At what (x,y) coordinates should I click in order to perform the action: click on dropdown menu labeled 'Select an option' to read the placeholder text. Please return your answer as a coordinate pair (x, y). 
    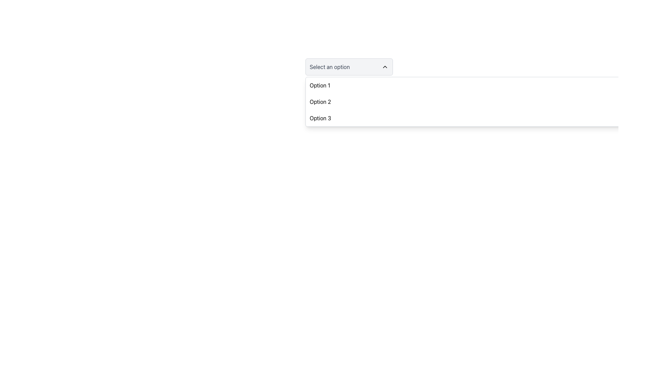
    Looking at the image, I should click on (349, 67).